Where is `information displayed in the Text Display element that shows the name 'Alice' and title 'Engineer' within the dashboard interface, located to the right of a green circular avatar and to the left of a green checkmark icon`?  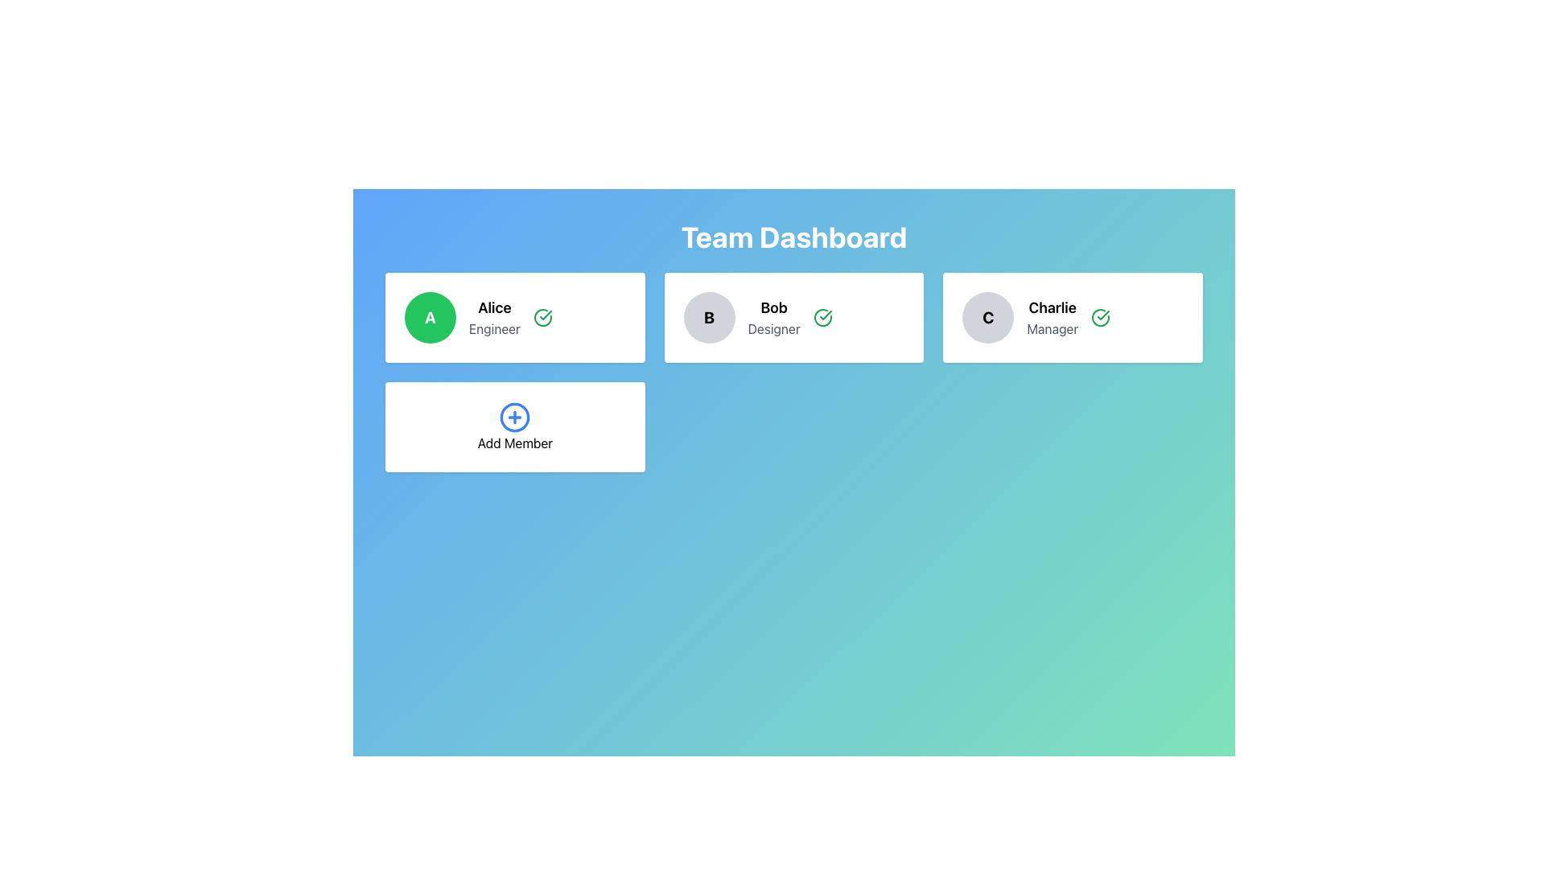 information displayed in the Text Display element that shows the name 'Alice' and title 'Engineer' within the dashboard interface, located to the right of a green circular avatar and to the left of a green checkmark icon is located at coordinates (493, 317).